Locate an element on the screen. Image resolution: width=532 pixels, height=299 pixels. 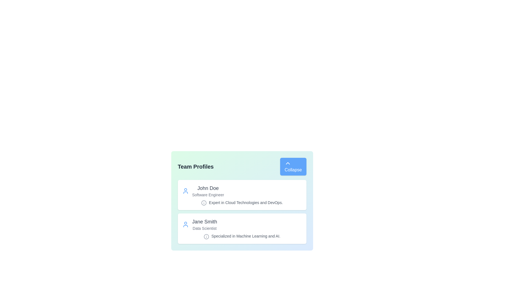
the profile details for Jane Smith is located at coordinates (242, 228).